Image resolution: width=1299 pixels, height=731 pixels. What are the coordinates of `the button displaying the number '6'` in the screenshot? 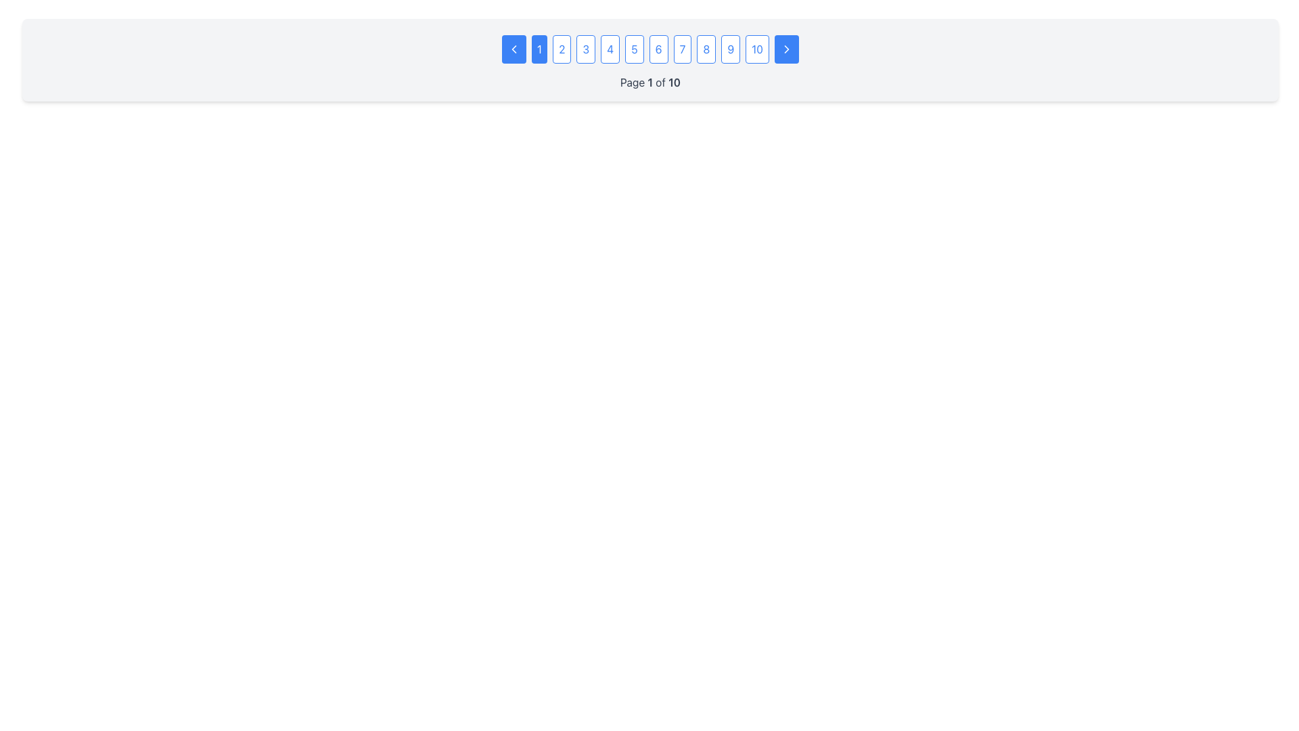 It's located at (650, 49).